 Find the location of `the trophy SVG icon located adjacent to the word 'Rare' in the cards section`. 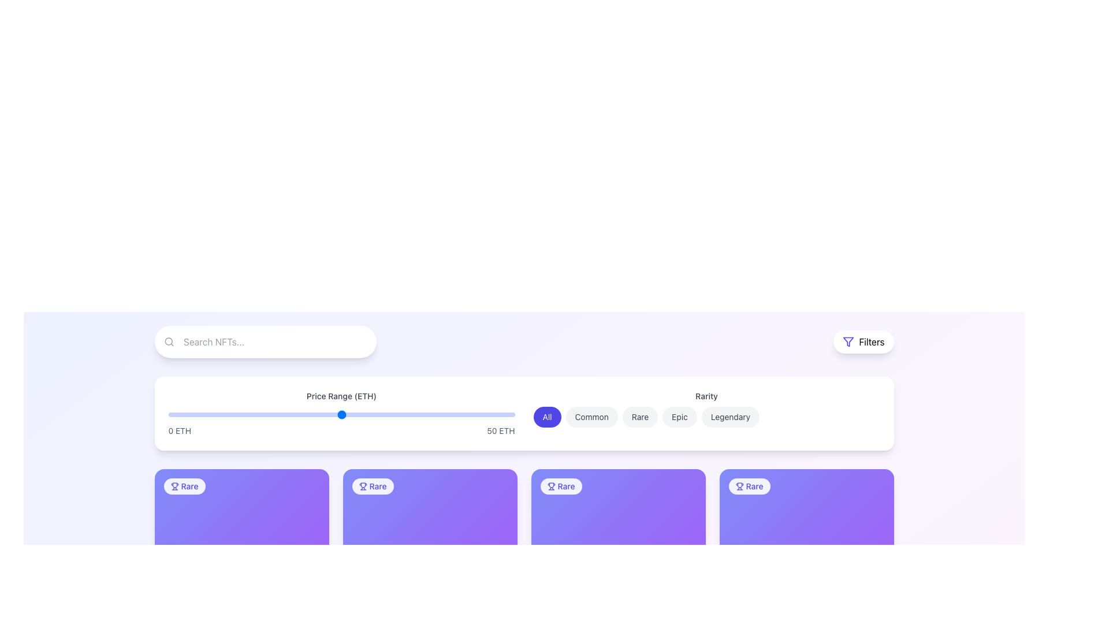

the trophy SVG icon located adjacent to the word 'Rare' in the cards section is located at coordinates (550, 486).